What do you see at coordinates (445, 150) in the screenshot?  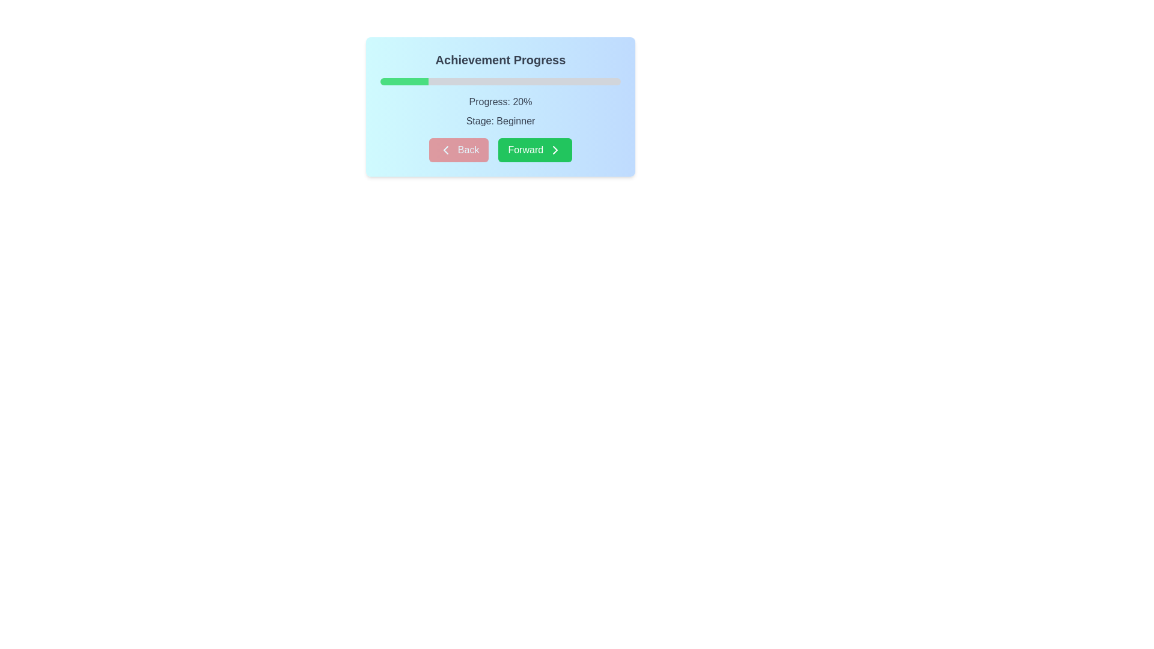 I see `the left-facing chevron icon within the 'Back' button` at bounding box center [445, 150].